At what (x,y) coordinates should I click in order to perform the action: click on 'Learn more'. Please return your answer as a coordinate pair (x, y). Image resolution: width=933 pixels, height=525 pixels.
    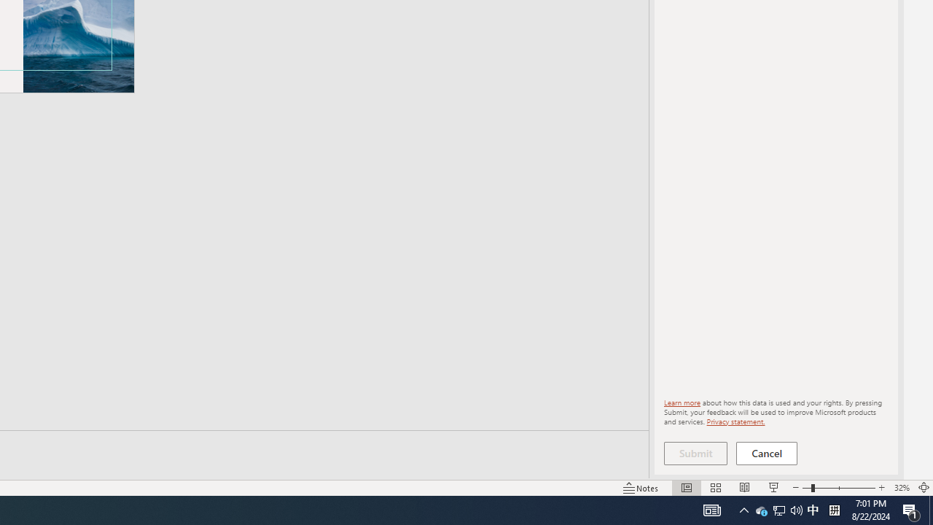
    Looking at the image, I should click on (682, 402).